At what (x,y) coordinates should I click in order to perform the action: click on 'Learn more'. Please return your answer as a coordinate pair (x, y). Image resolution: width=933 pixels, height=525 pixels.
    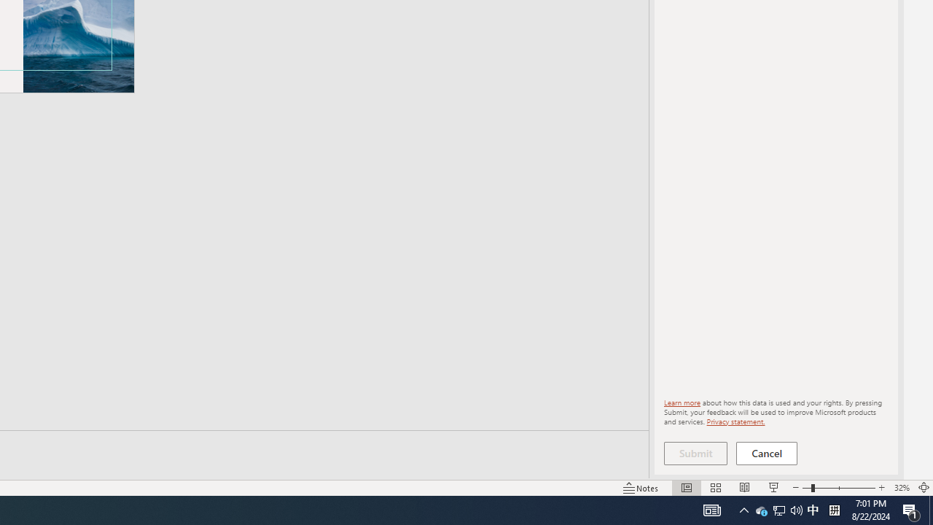
    Looking at the image, I should click on (682, 402).